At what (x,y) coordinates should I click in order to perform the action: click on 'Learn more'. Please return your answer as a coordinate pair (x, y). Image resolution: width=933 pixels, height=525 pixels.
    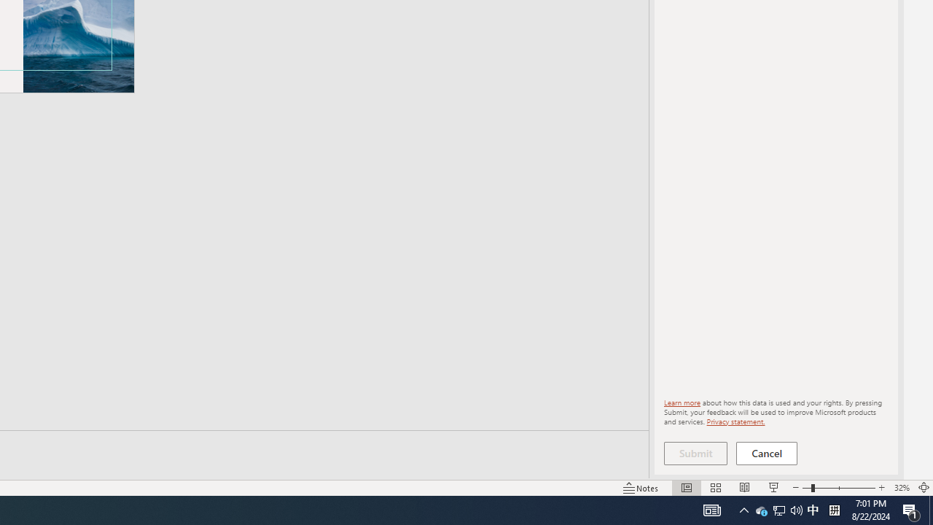
    Looking at the image, I should click on (682, 402).